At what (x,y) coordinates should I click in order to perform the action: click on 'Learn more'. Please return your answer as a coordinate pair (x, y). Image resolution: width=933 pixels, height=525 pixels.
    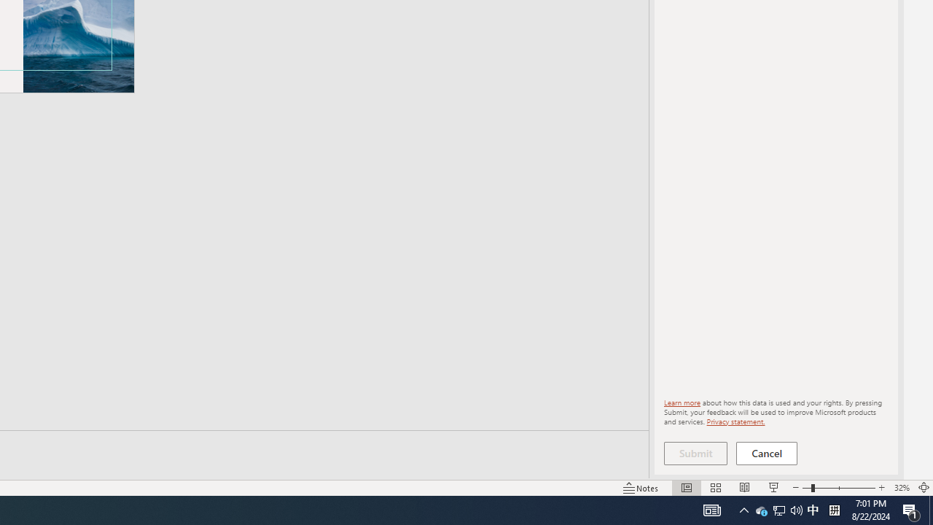
    Looking at the image, I should click on (682, 402).